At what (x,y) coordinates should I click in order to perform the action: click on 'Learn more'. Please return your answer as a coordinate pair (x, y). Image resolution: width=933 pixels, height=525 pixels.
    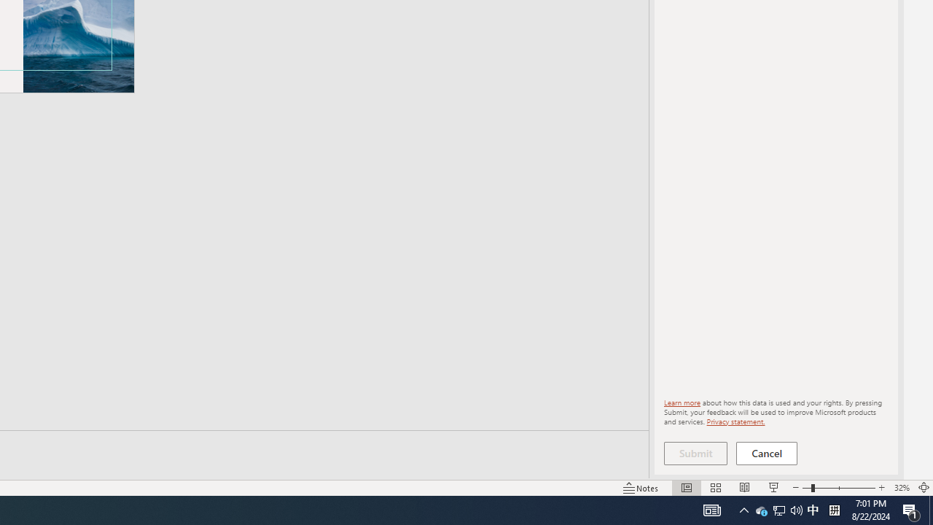
    Looking at the image, I should click on (682, 402).